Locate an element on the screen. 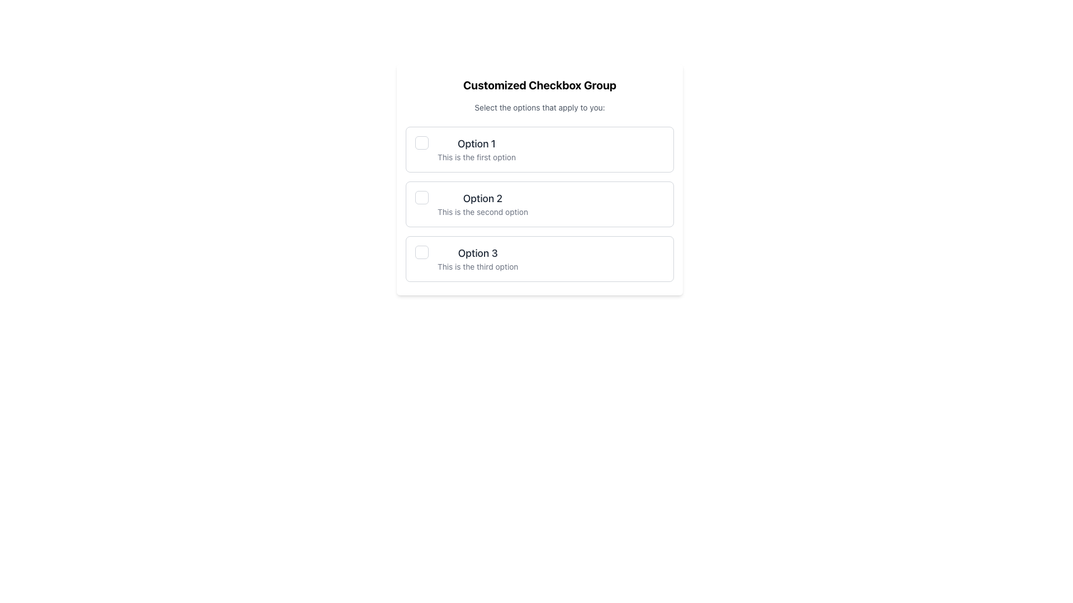  descriptive text of the Text Label with Description that states 'This is the second option' located under the bolded title 'Option 2' is located at coordinates (483, 204).